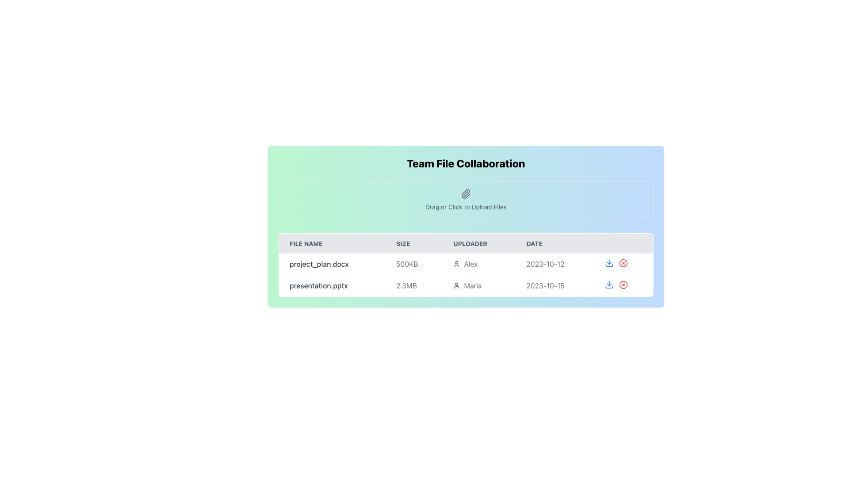  Describe the element at coordinates (555, 264) in the screenshot. I see `displayed date from the Text label in the fourth column of the first row of the table, located next to 'Alex' in the 'UPLOADER' column` at that location.